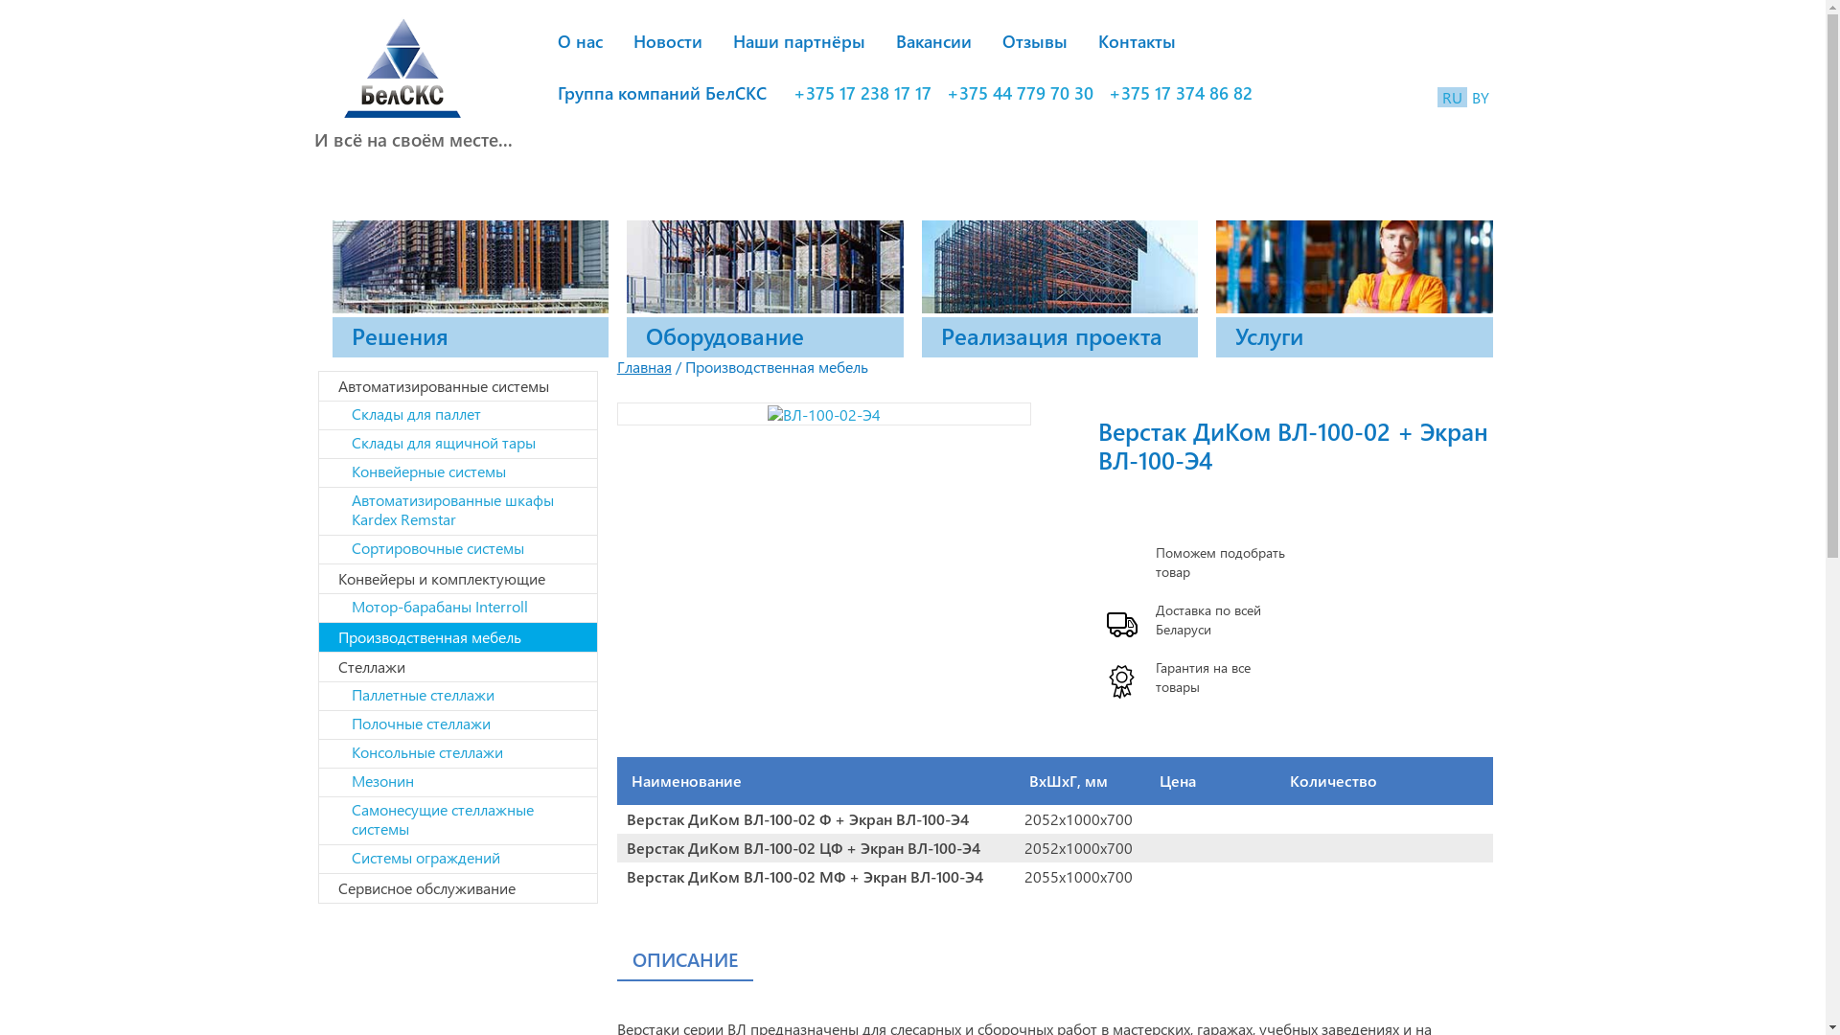 The image size is (1840, 1035). Describe the element at coordinates (1440, 97) in the screenshot. I see `'RU'` at that location.